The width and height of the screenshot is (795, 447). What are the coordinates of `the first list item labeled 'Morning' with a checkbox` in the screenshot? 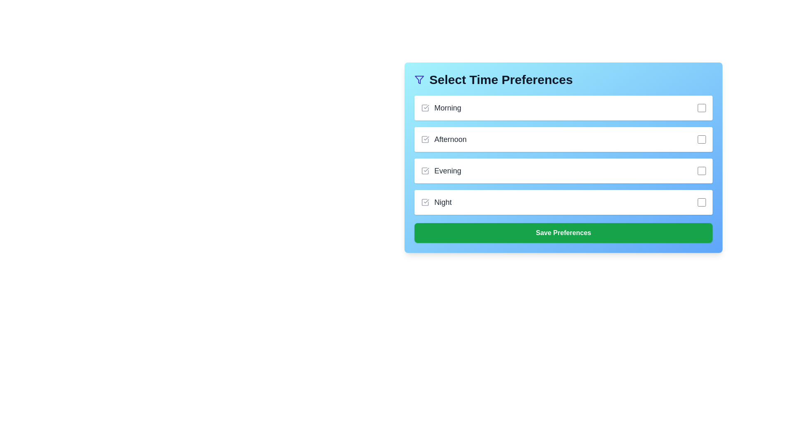 It's located at (563, 108).